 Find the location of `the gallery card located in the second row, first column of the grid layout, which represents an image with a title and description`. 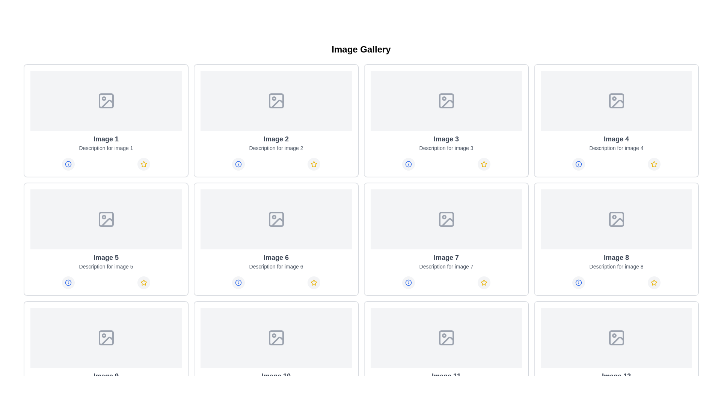

the gallery card located in the second row, first column of the grid layout, which represents an image with a title and description is located at coordinates (106, 239).